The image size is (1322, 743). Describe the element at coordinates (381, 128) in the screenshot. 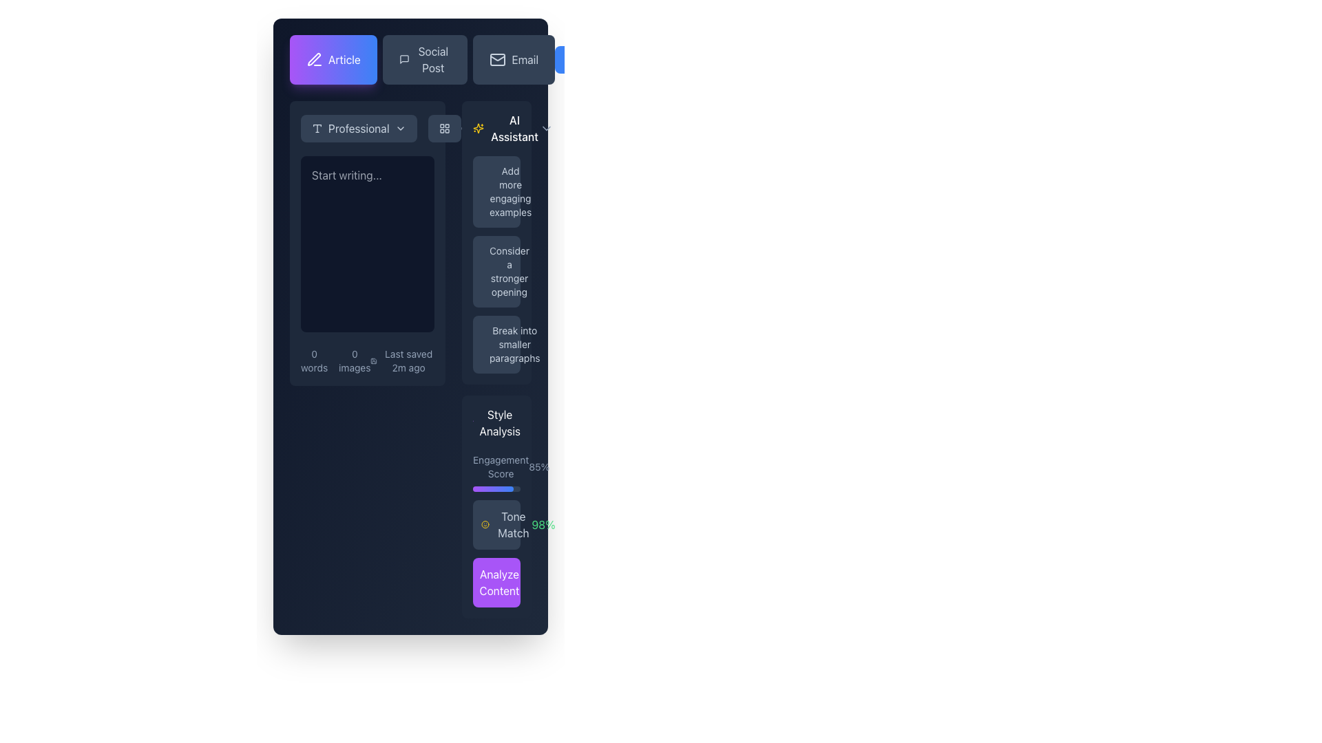

I see `the dropdown menu labeled 'Professional'` at that location.